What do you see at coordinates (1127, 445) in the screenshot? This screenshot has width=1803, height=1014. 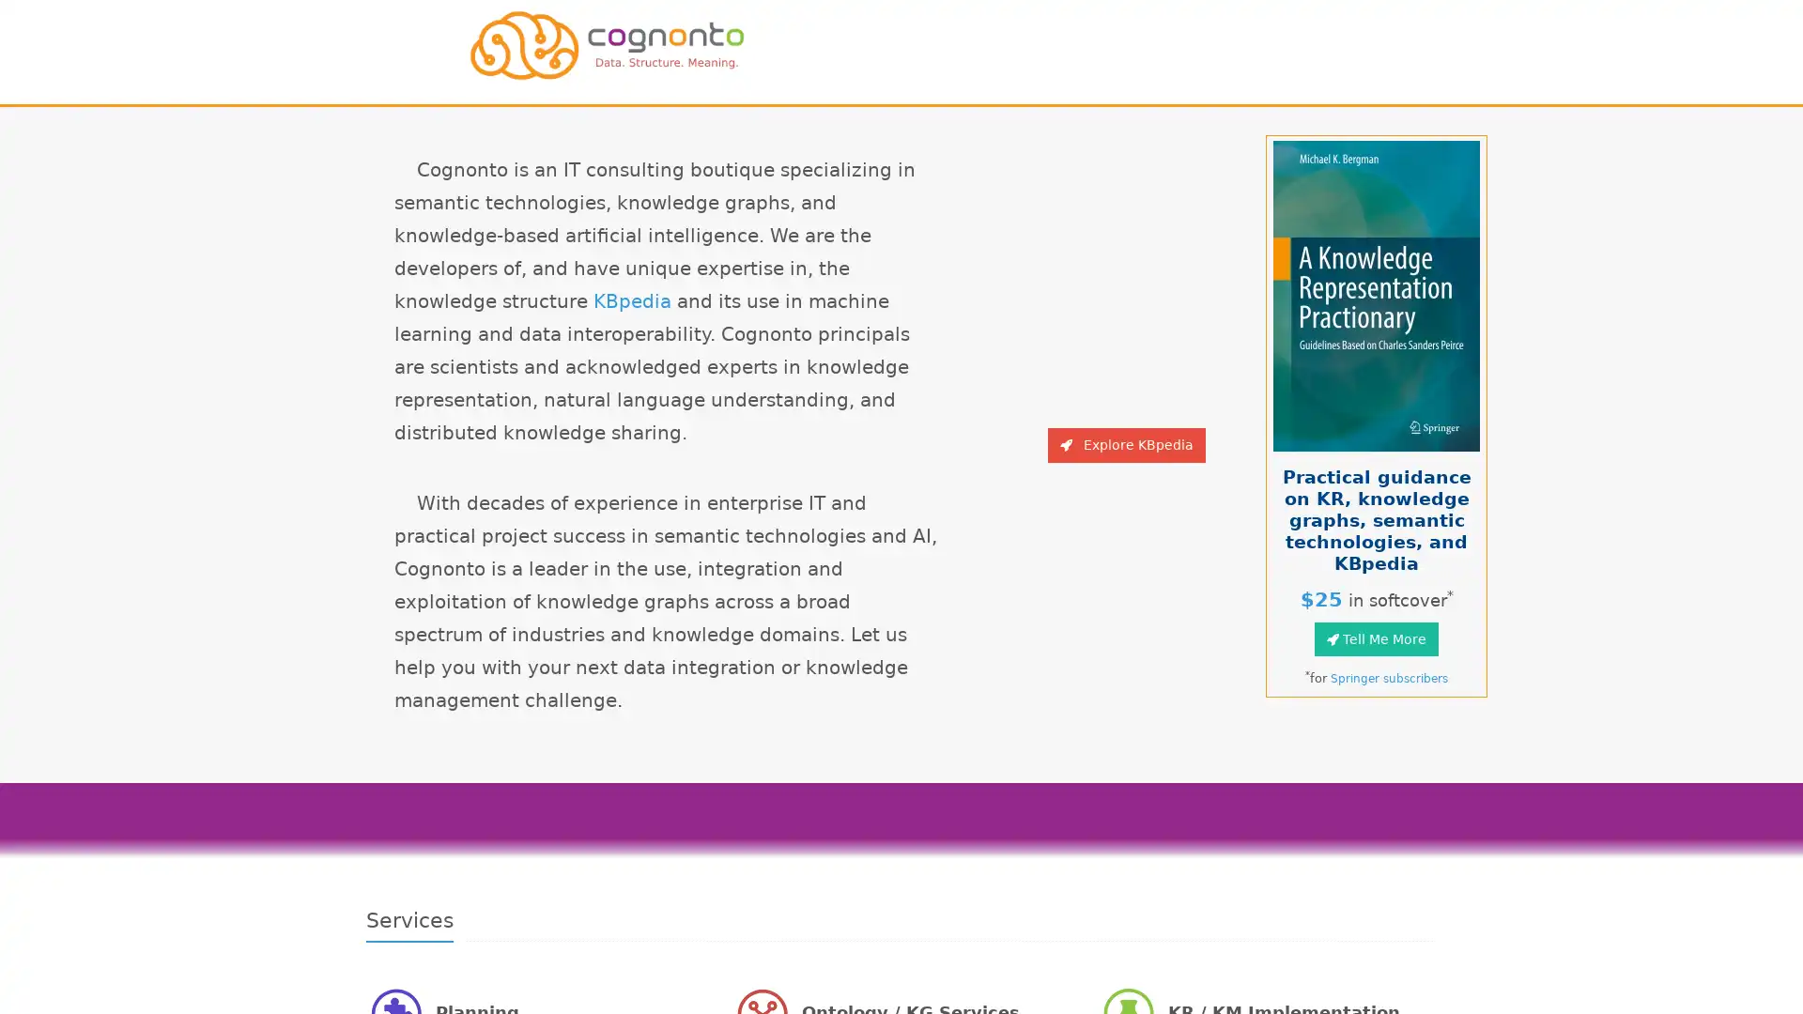 I see `Explore KBpedia` at bounding box center [1127, 445].